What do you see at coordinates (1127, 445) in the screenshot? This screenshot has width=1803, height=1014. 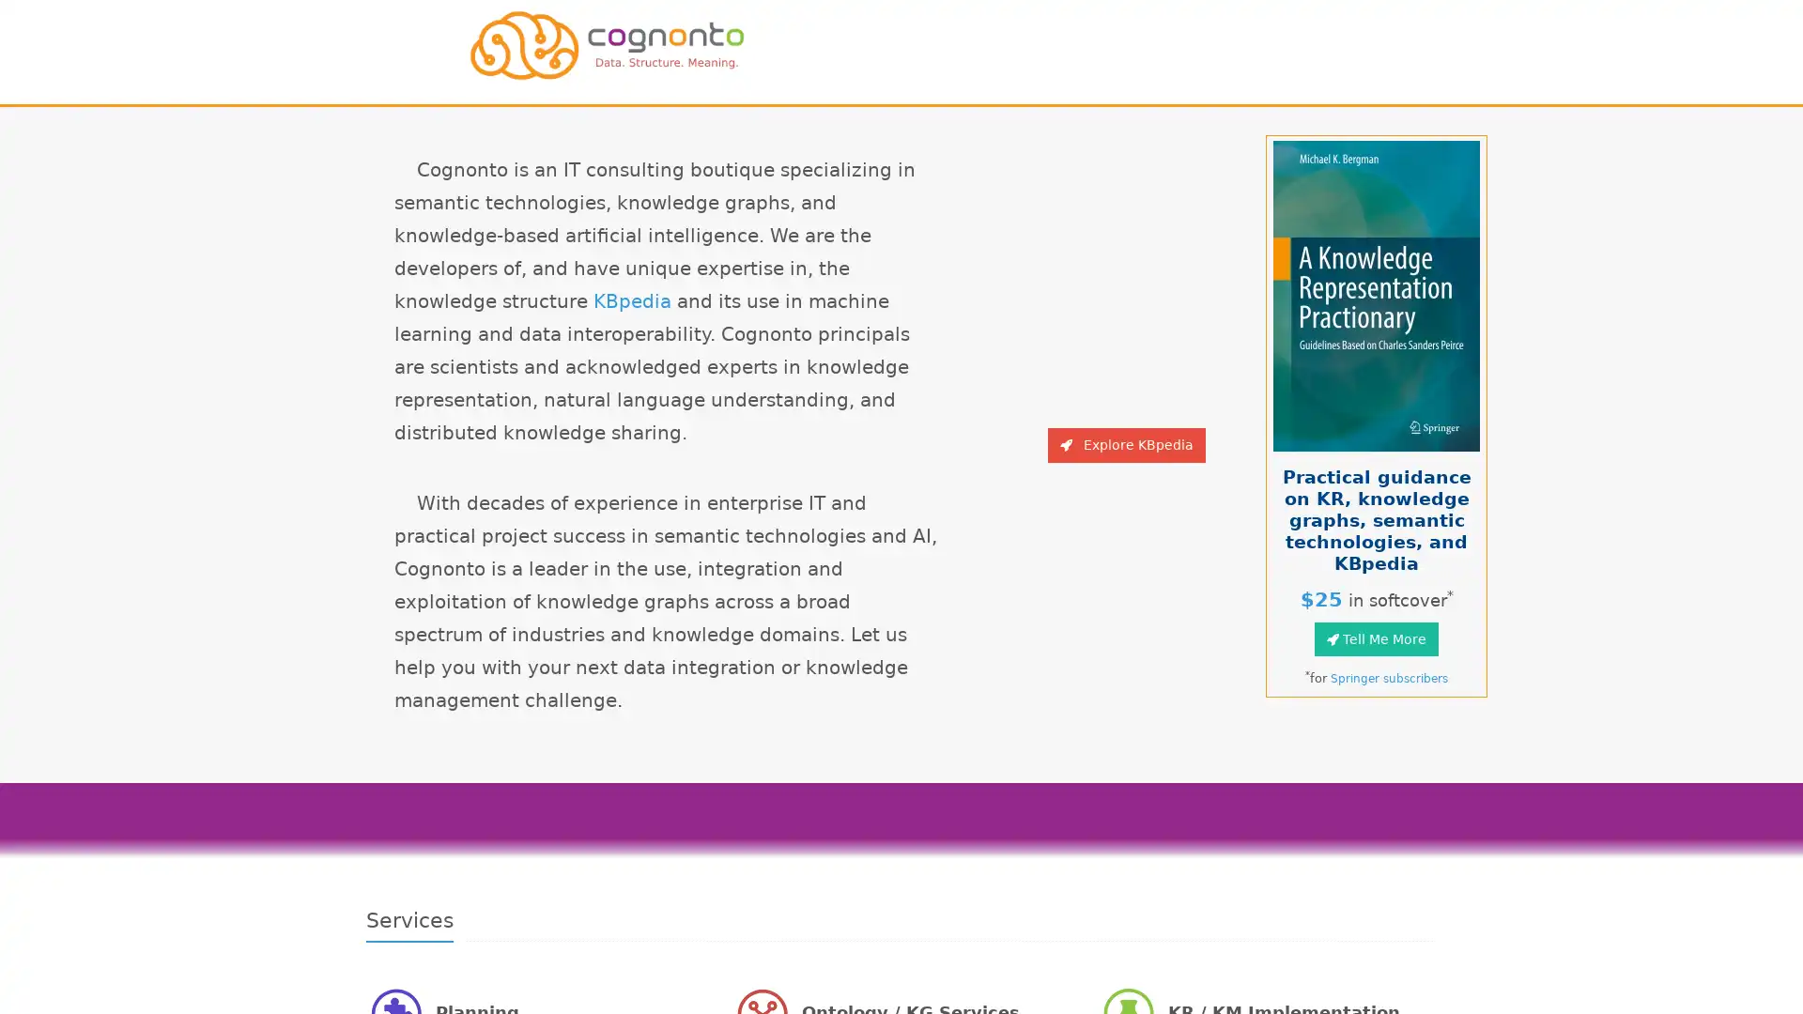 I see `Explore KBpedia` at bounding box center [1127, 445].